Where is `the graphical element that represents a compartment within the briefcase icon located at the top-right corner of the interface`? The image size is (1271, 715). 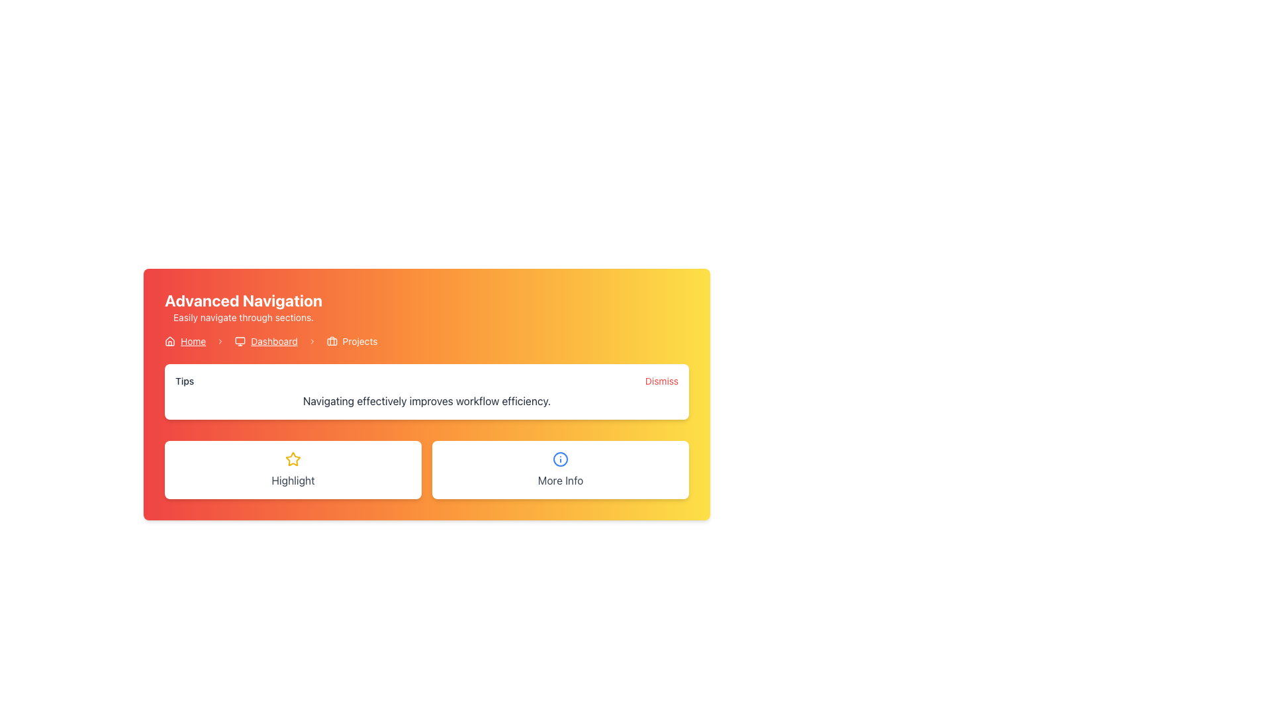
the graphical element that represents a compartment within the briefcase icon located at the top-right corner of the interface is located at coordinates (332, 341).